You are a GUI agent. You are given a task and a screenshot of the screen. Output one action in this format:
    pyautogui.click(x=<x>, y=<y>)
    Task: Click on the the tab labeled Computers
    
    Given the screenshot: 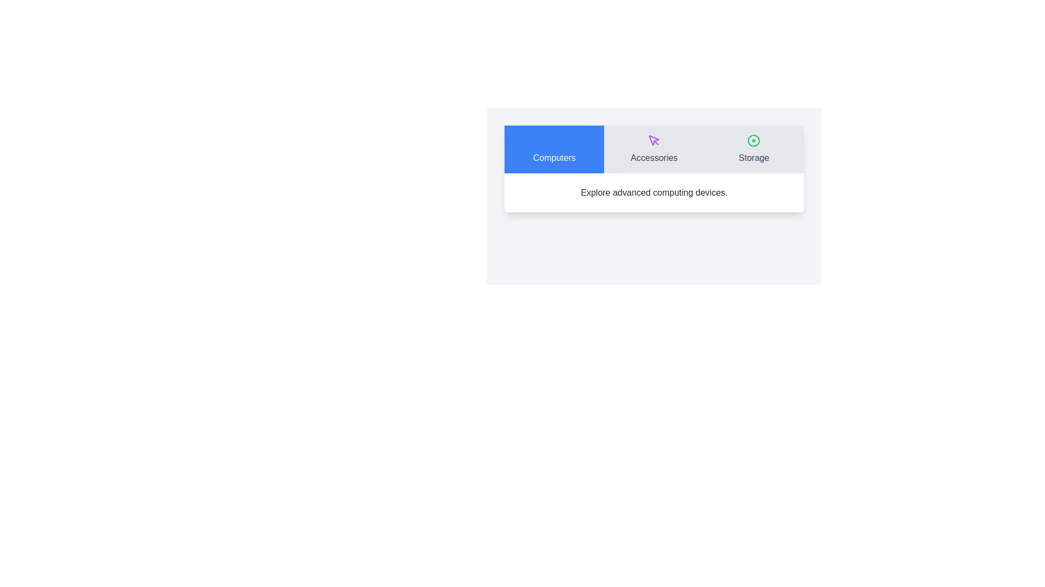 What is the action you would take?
    pyautogui.click(x=554, y=149)
    